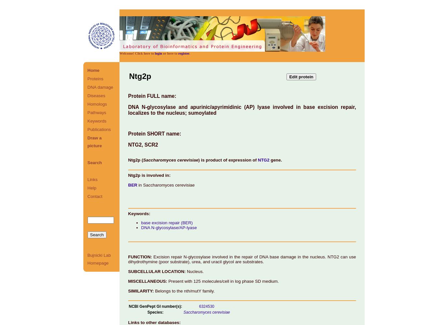 The height and width of the screenshot is (325, 448). What do you see at coordinates (97, 104) in the screenshot?
I see `'Homologs'` at bounding box center [97, 104].